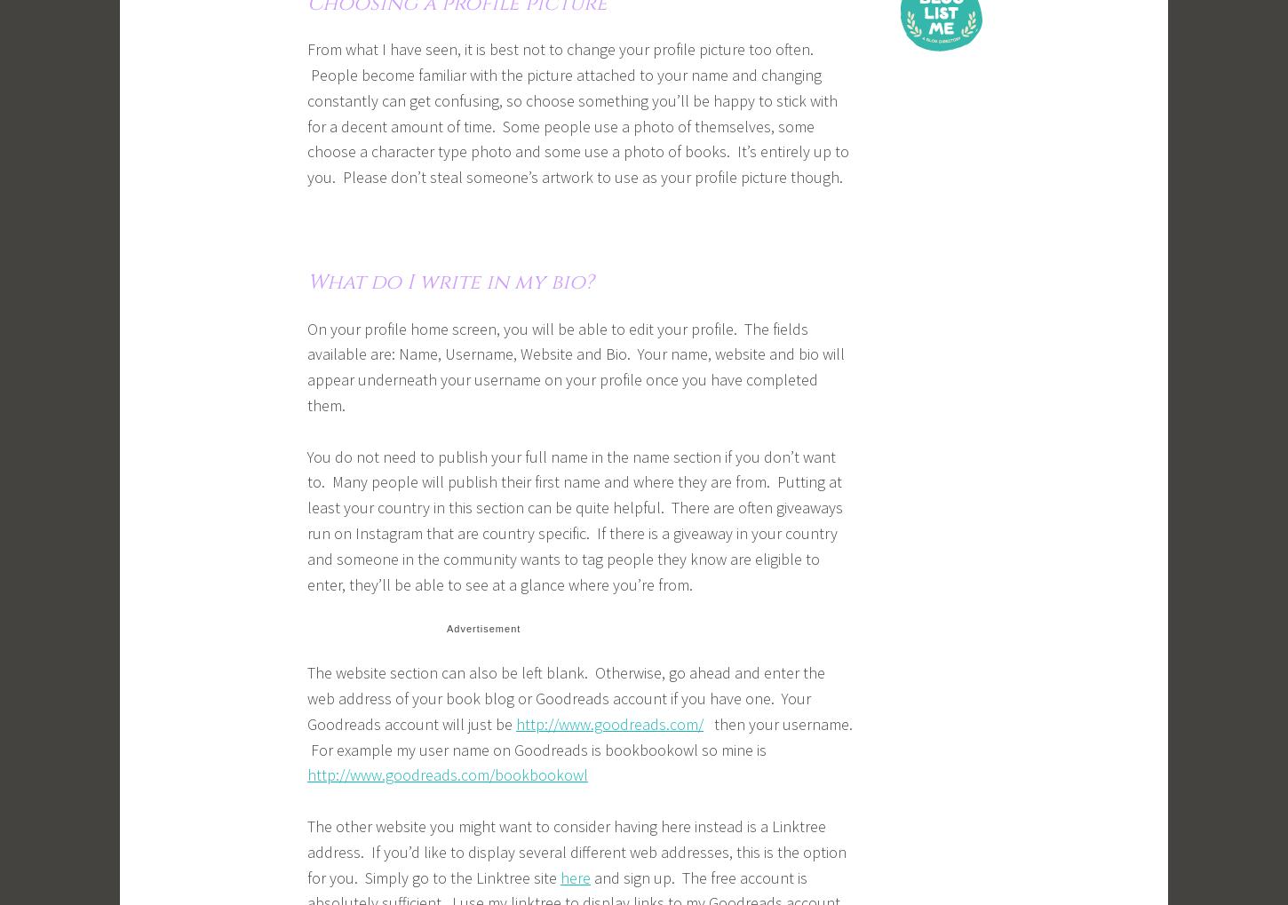  I want to click on 'here', so click(575, 877).